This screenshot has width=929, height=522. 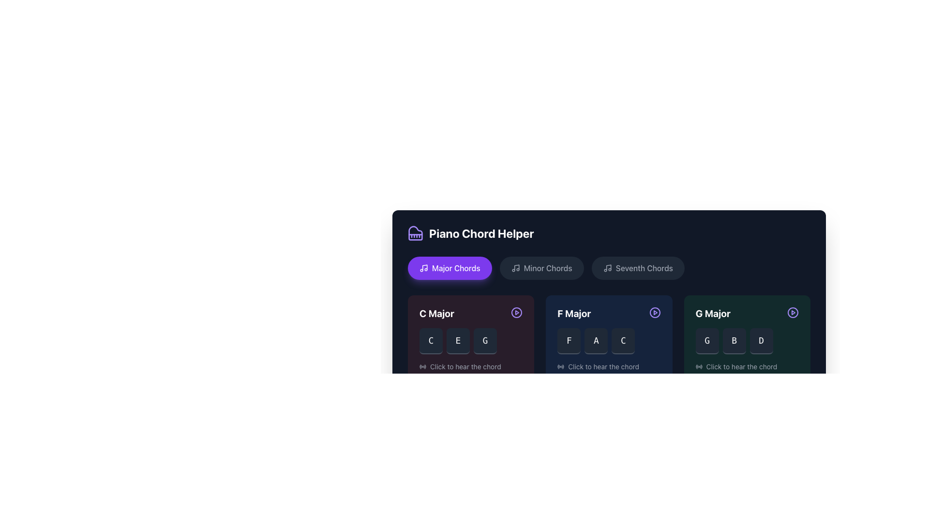 I want to click on the 'B' chord note button within the 'G Major' chord section, so click(x=734, y=340).